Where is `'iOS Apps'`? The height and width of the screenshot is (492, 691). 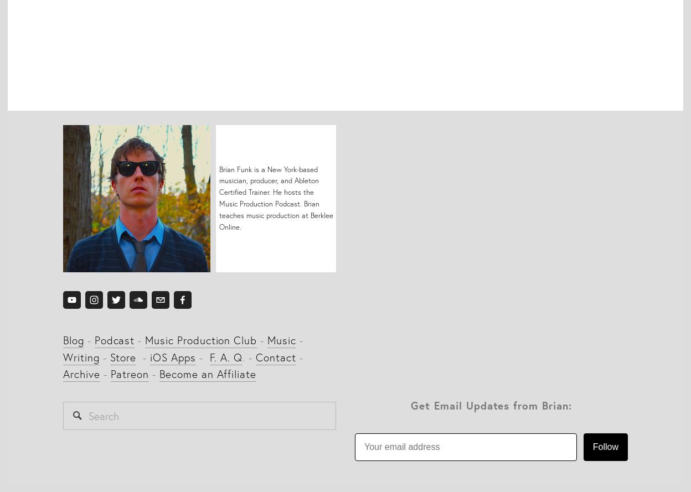 'iOS Apps' is located at coordinates (173, 356).